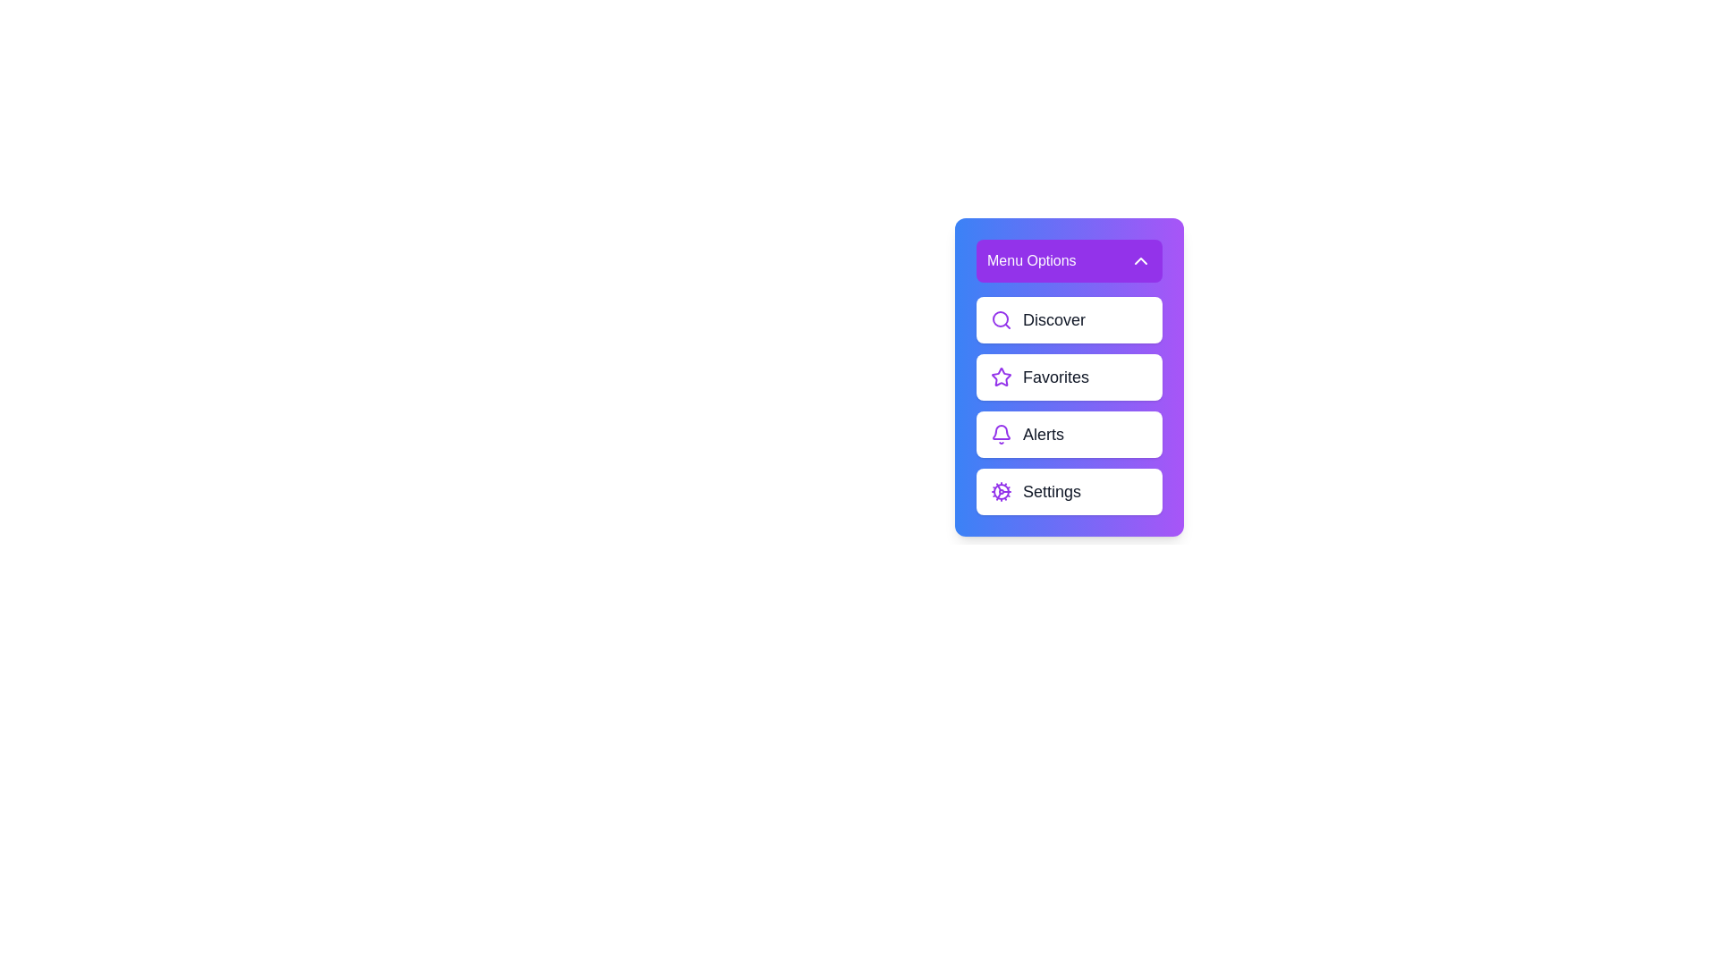 The image size is (1717, 966). I want to click on the small purple circular gear icon representing the settings menu, located on the left end of the 'Settings' button row, so click(1000, 492).